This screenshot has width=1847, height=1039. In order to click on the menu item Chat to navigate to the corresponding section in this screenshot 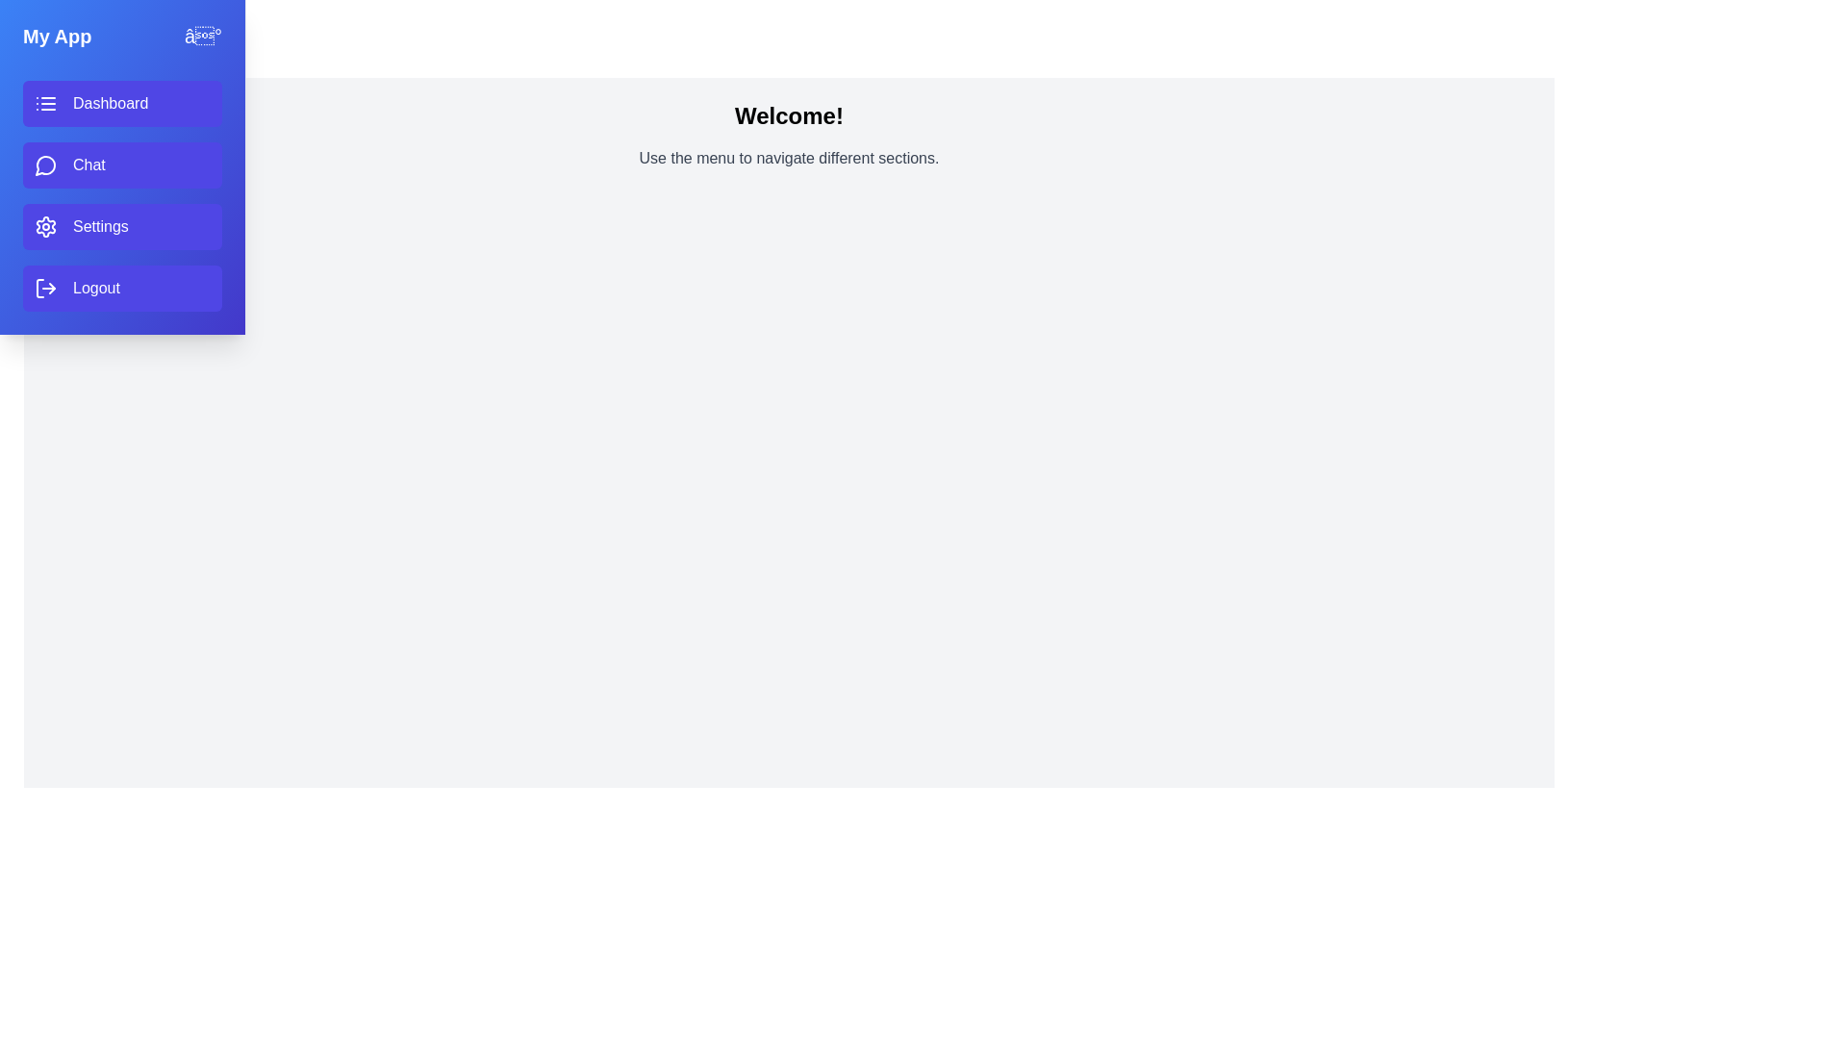, I will do `click(121, 165)`.